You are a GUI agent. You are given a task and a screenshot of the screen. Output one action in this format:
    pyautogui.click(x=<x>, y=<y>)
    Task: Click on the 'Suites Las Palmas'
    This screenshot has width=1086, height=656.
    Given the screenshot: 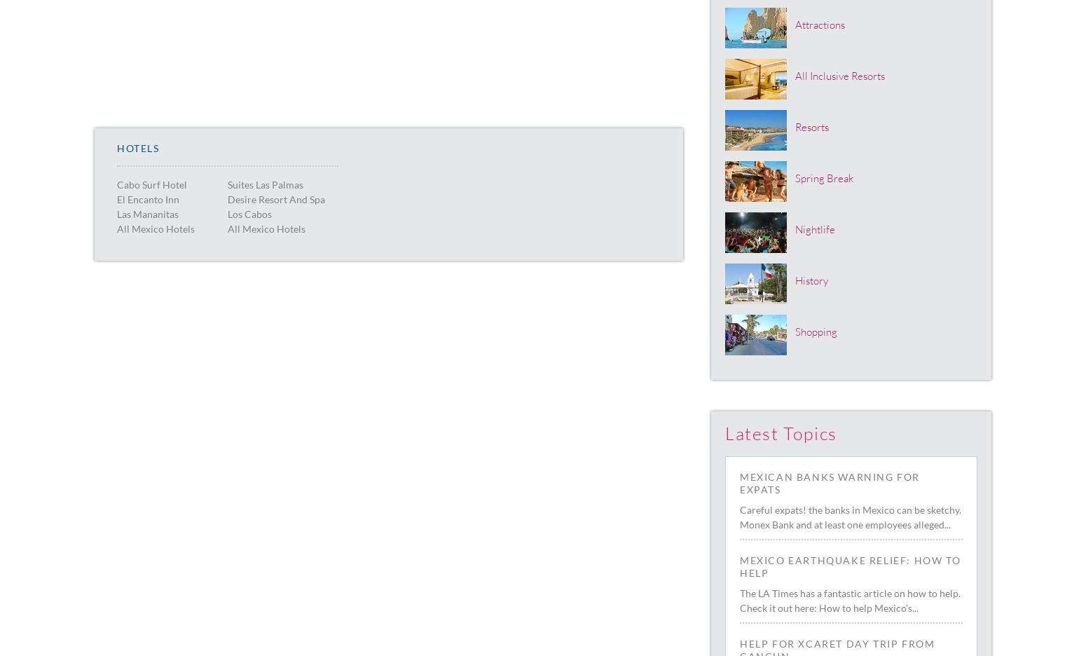 What is the action you would take?
    pyautogui.click(x=264, y=183)
    